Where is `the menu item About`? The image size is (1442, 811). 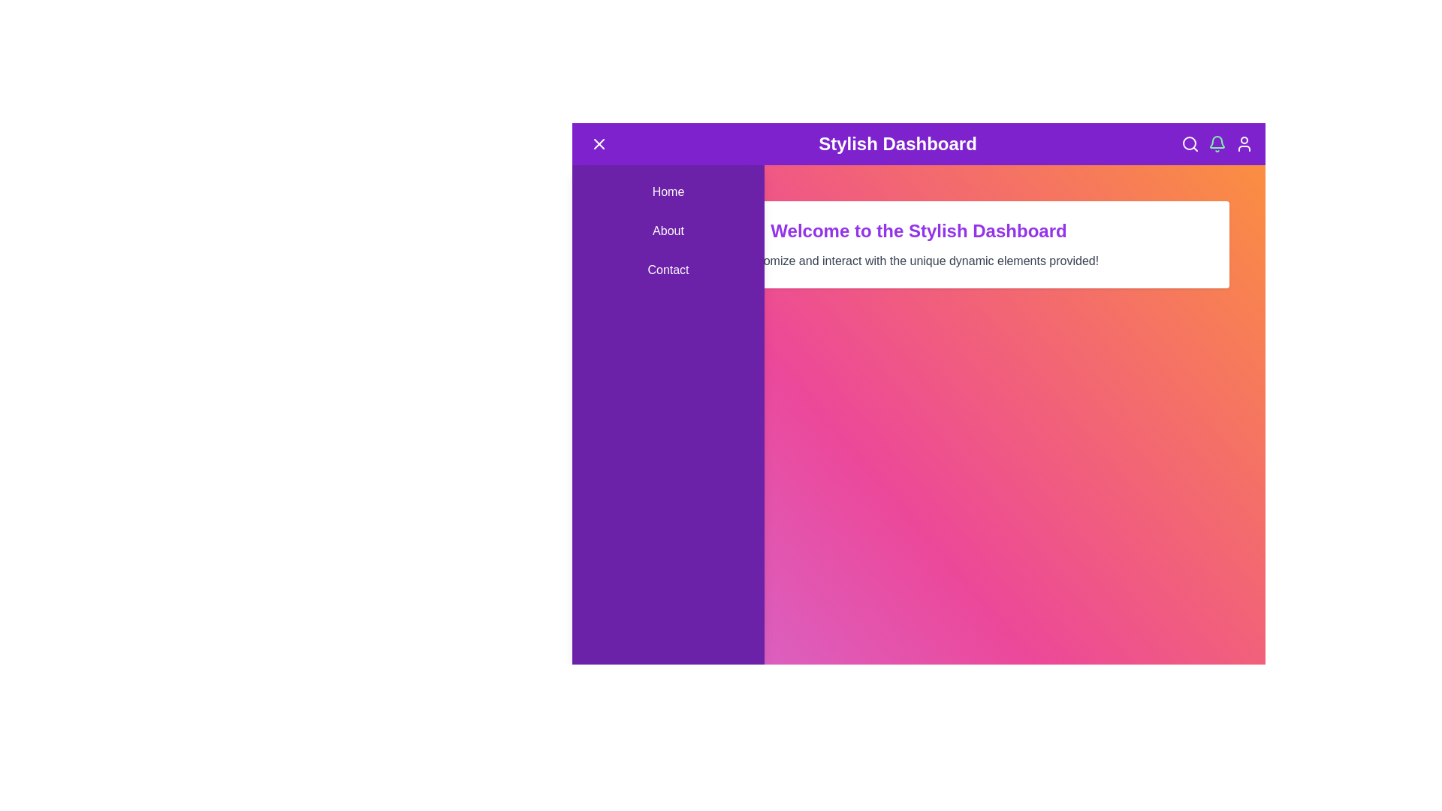
the menu item About is located at coordinates (667, 231).